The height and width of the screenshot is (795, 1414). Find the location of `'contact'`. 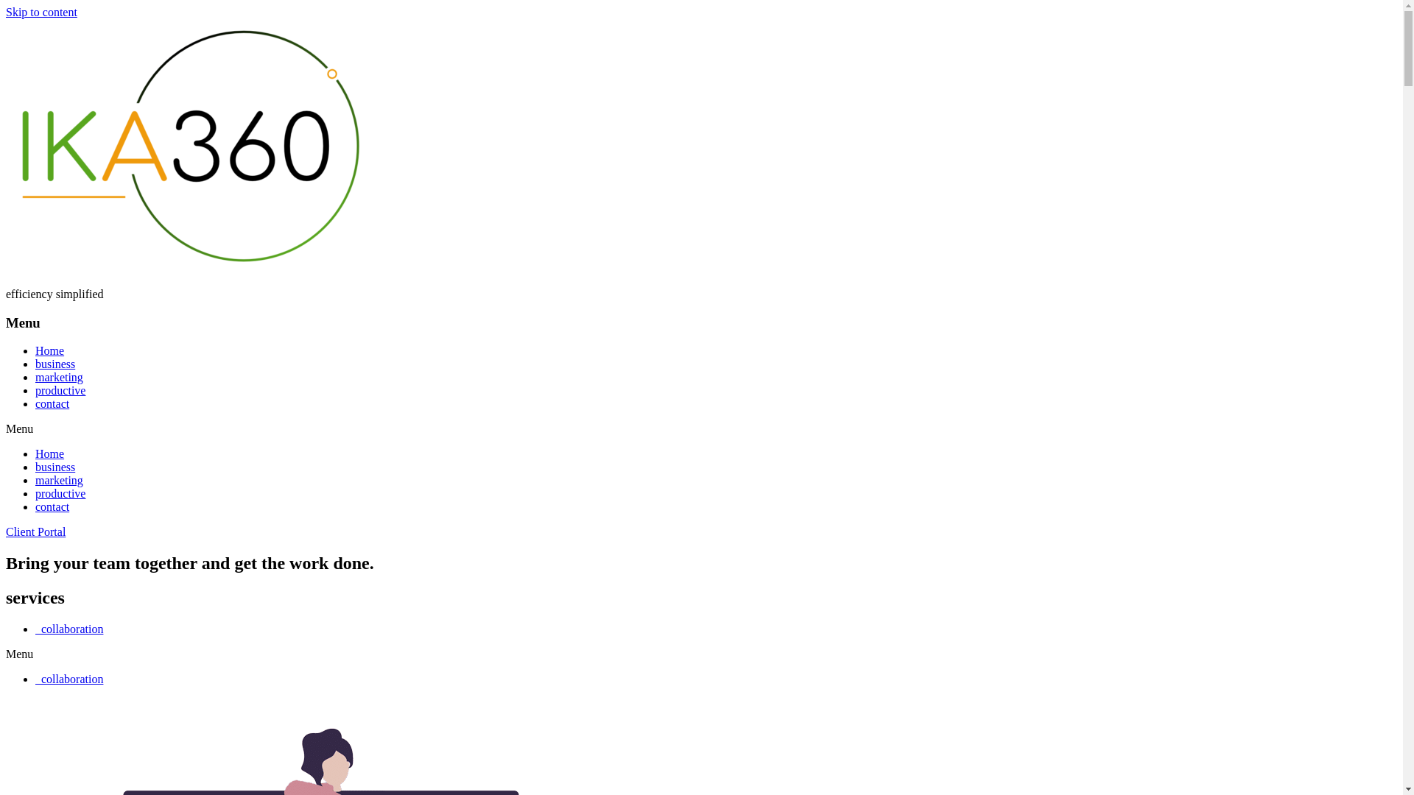

'contact' is located at coordinates (52, 403).